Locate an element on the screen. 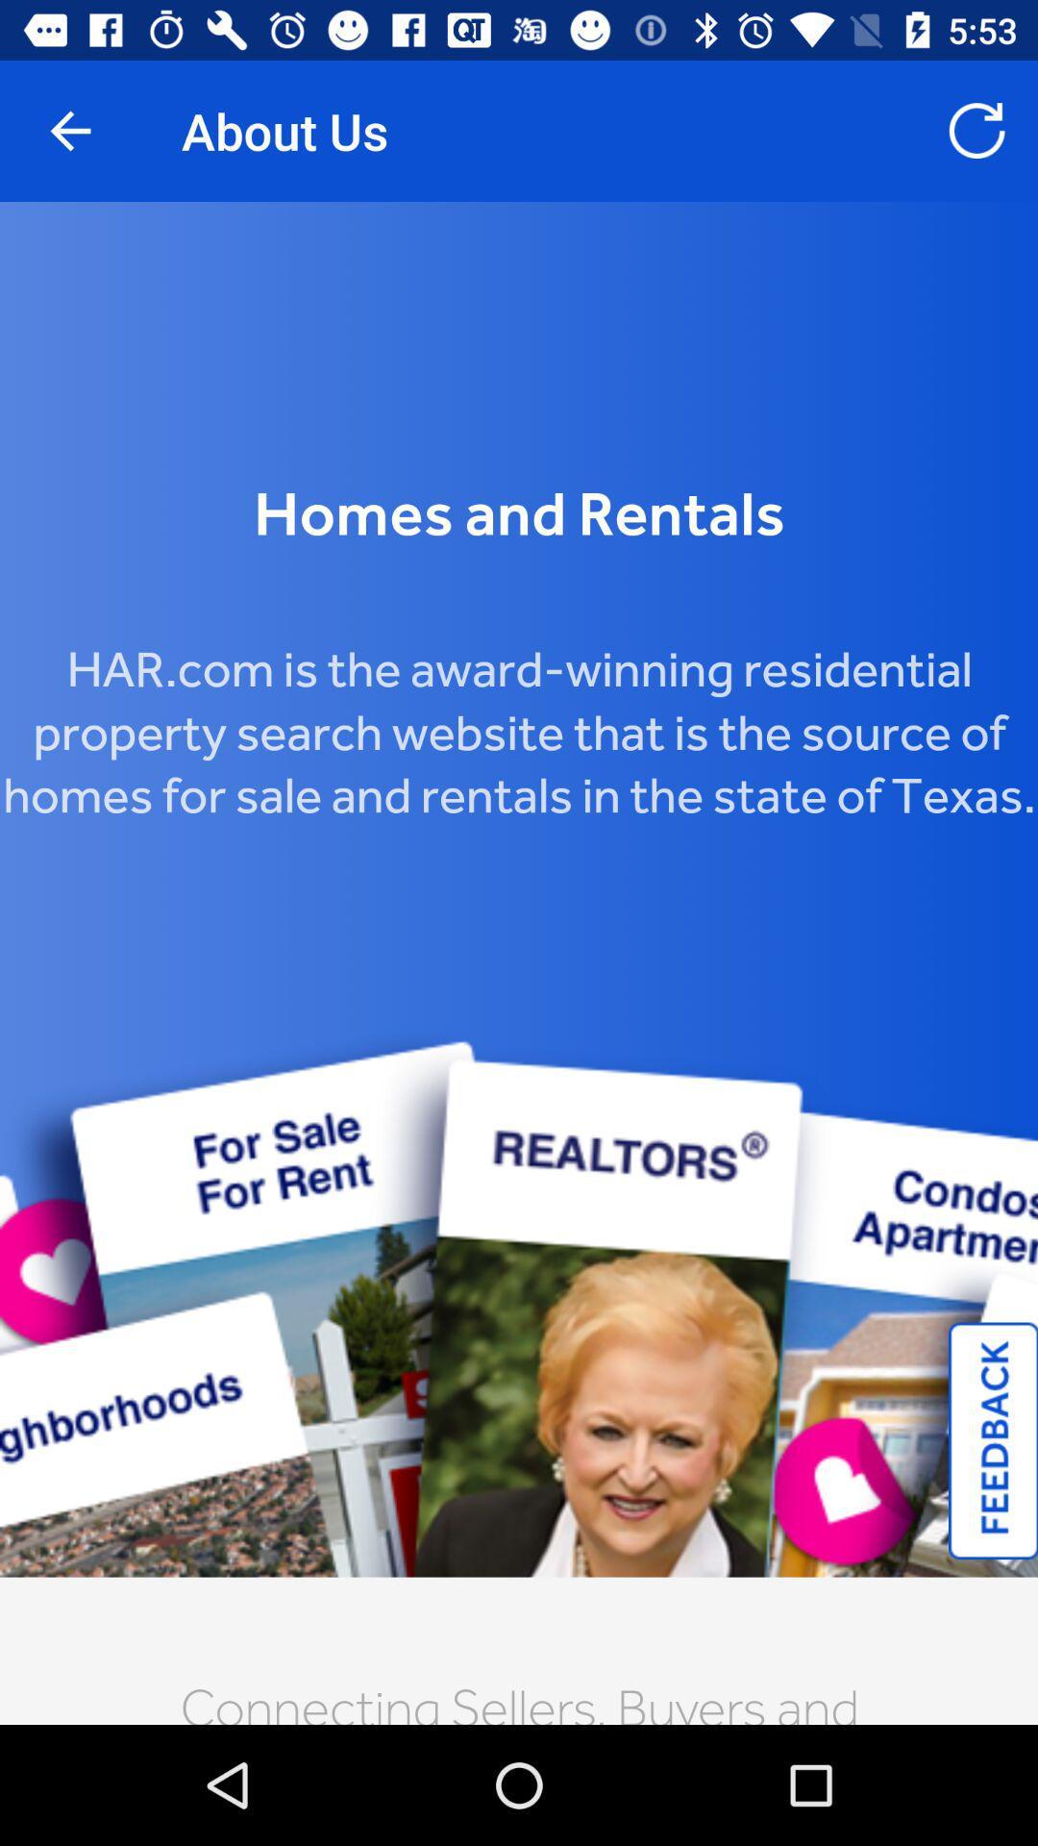 The width and height of the screenshot is (1038, 1846). har.com is located at coordinates (519, 963).